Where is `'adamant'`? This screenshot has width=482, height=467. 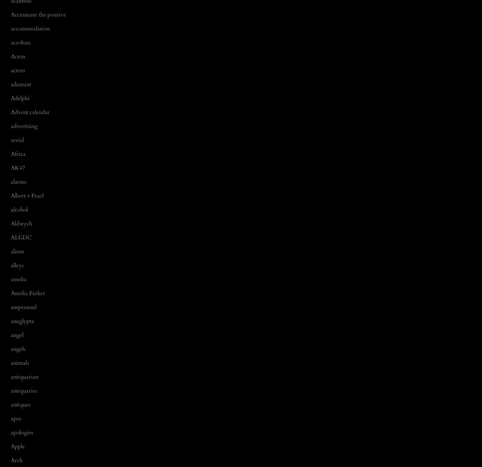
'adamant' is located at coordinates (11, 84).